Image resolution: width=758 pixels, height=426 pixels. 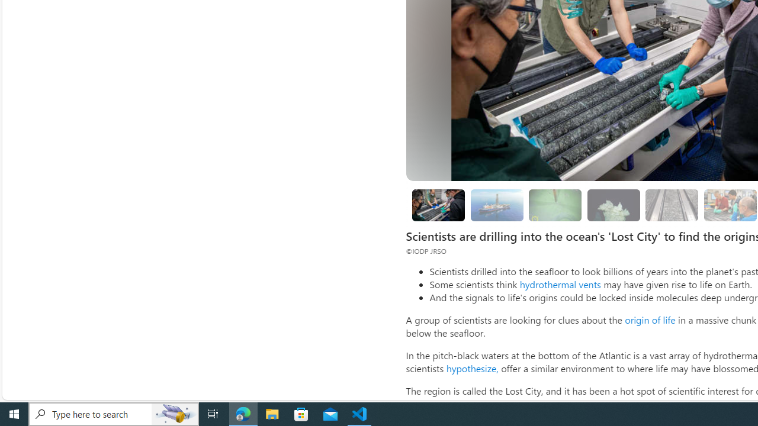 What do you see at coordinates (729, 204) in the screenshot?
I see `'Looking for evidence of oxygen-free life'` at bounding box center [729, 204].